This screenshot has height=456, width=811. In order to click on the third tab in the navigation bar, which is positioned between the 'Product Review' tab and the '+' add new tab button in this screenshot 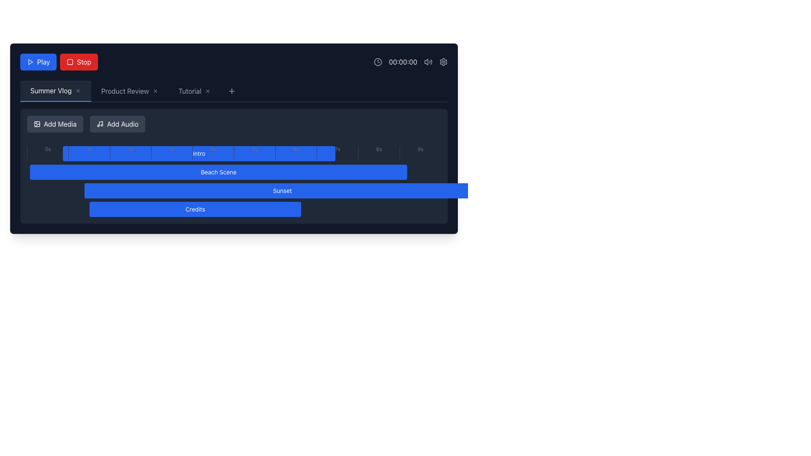, I will do `click(194, 91)`.